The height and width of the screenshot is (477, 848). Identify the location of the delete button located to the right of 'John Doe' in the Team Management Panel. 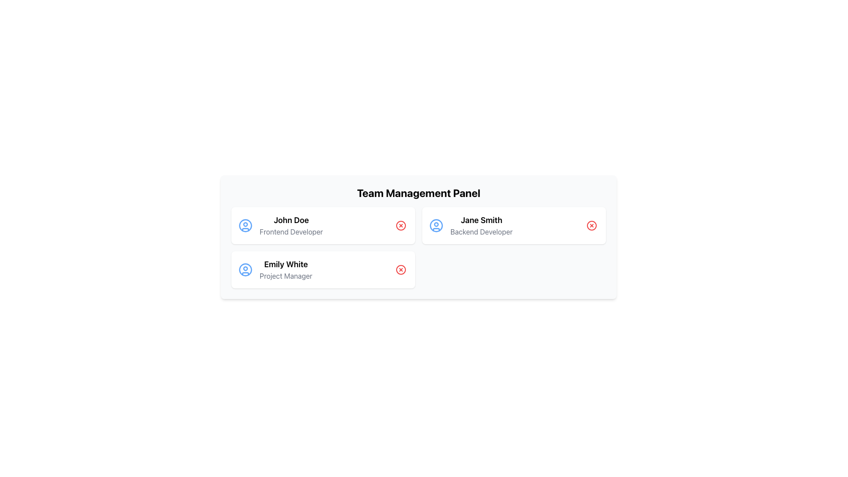
(400, 225).